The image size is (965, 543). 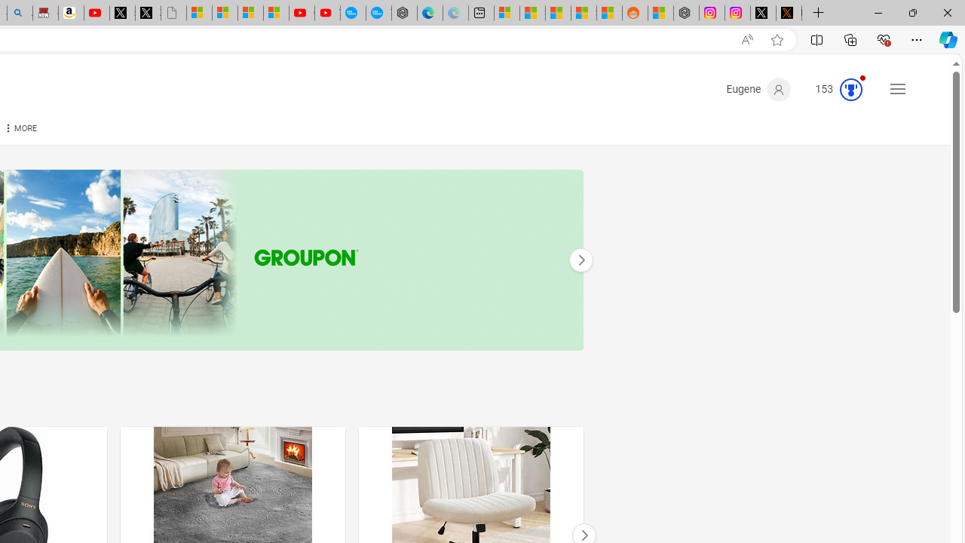 I want to click on 'Collections', so click(x=850, y=38).